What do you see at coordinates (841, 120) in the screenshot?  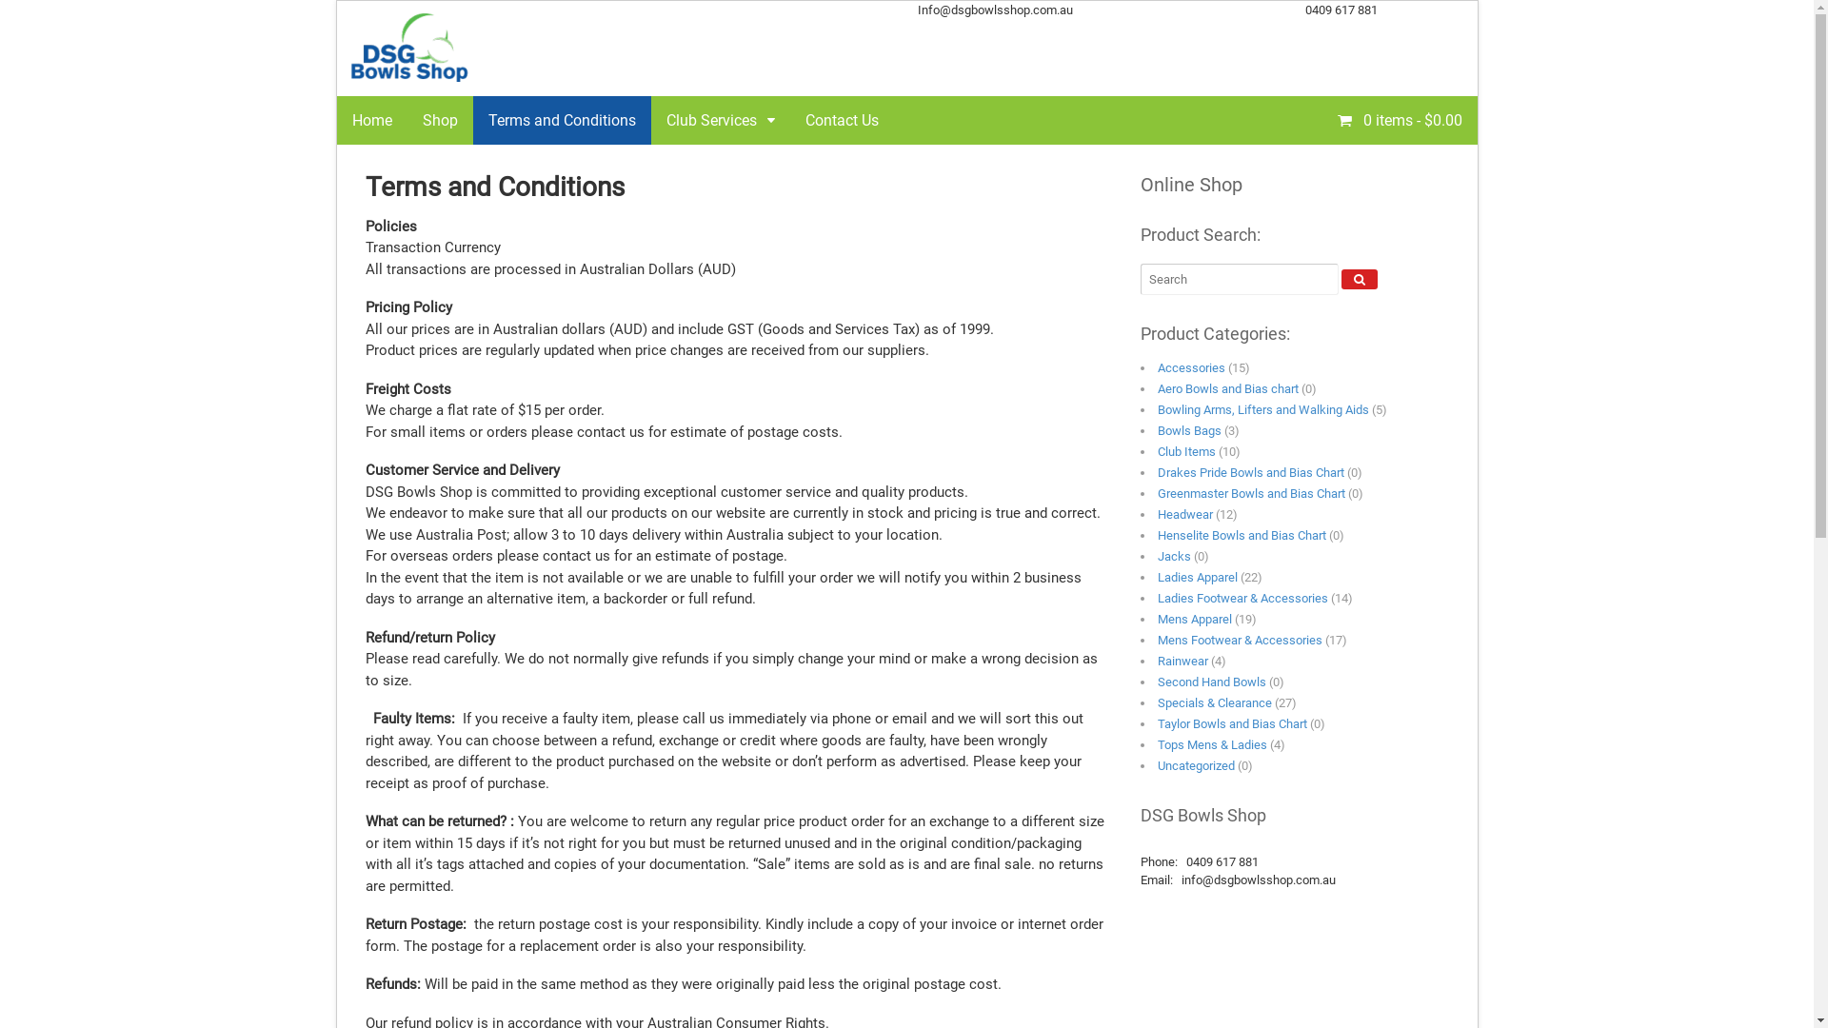 I see `'Contact Us'` at bounding box center [841, 120].